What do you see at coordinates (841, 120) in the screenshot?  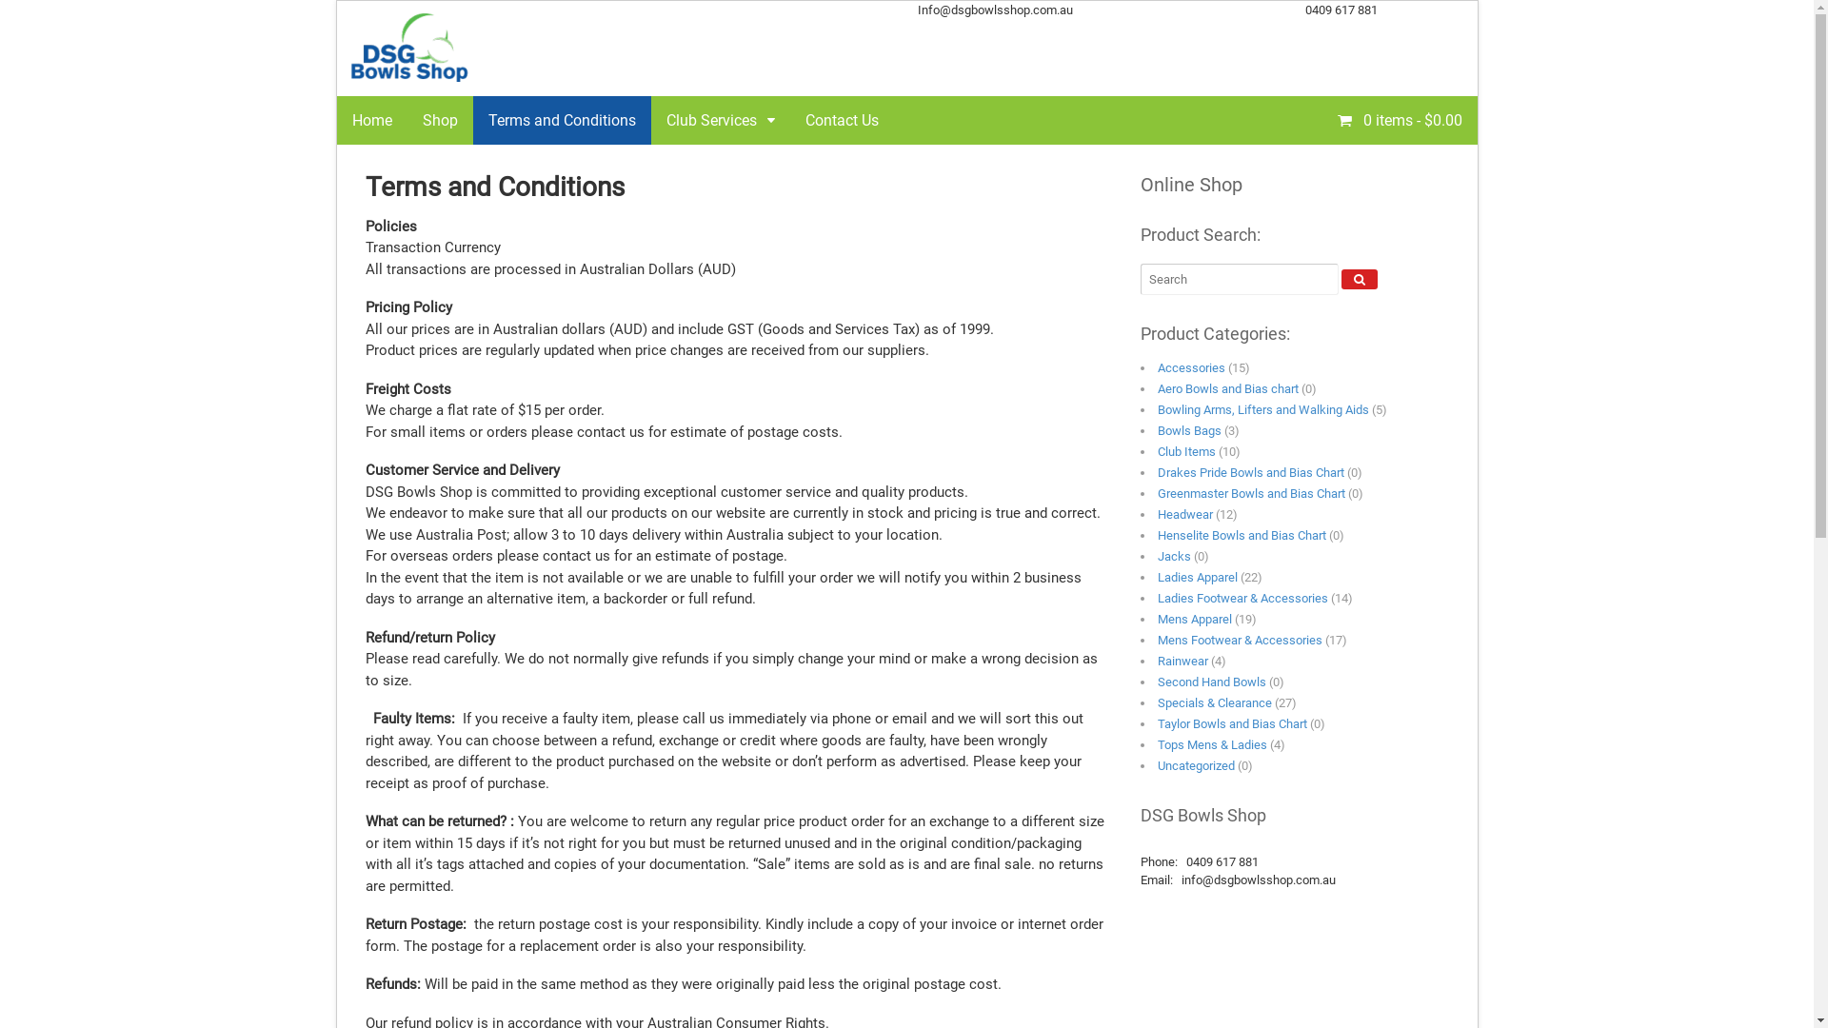 I see `'Contact Us'` at bounding box center [841, 120].